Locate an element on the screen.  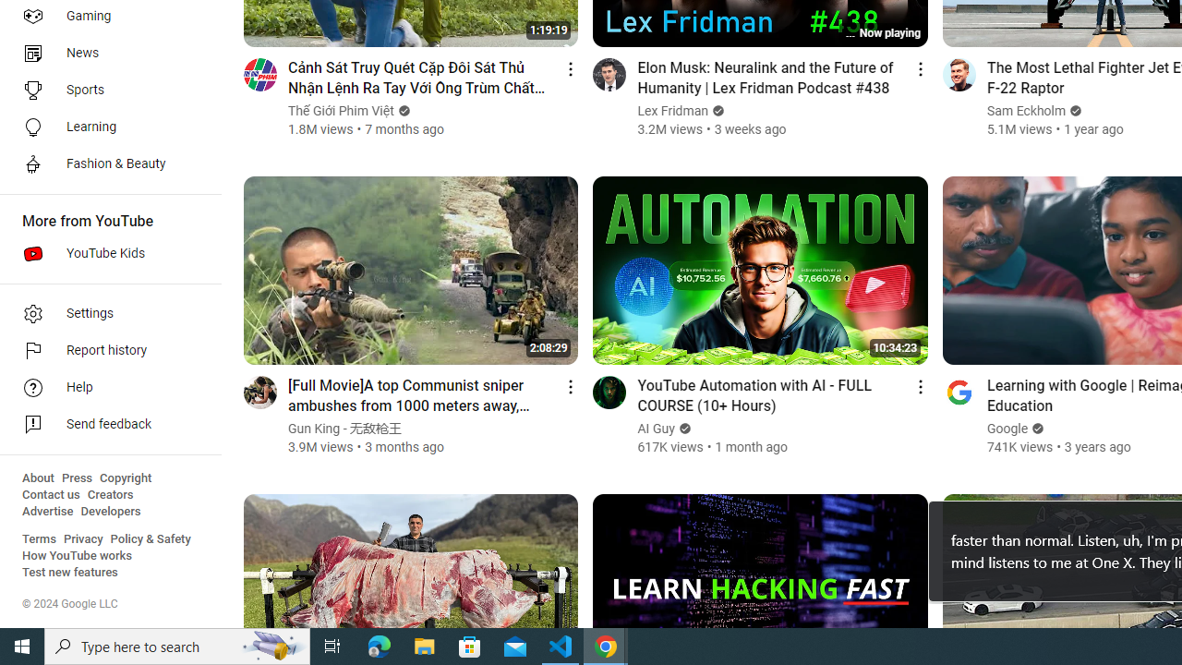
'Send feedback' is located at coordinates (103, 425).